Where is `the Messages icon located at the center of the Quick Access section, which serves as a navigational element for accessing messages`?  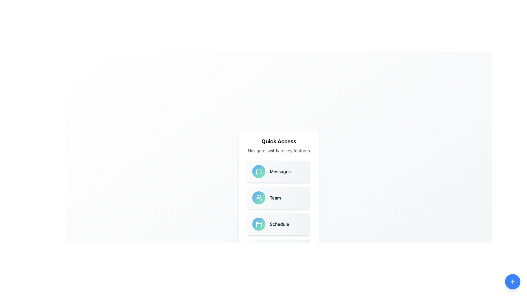 the Messages icon located at the center of the Quick Access section, which serves as a navigational element for accessing messages is located at coordinates (258, 171).